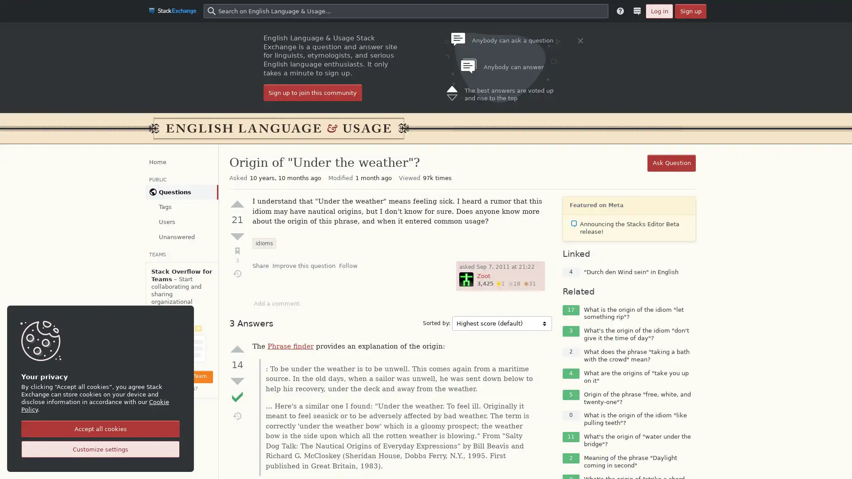 The width and height of the screenshot is (852, 479). I want to click on Add a comment, so click(276, 303).